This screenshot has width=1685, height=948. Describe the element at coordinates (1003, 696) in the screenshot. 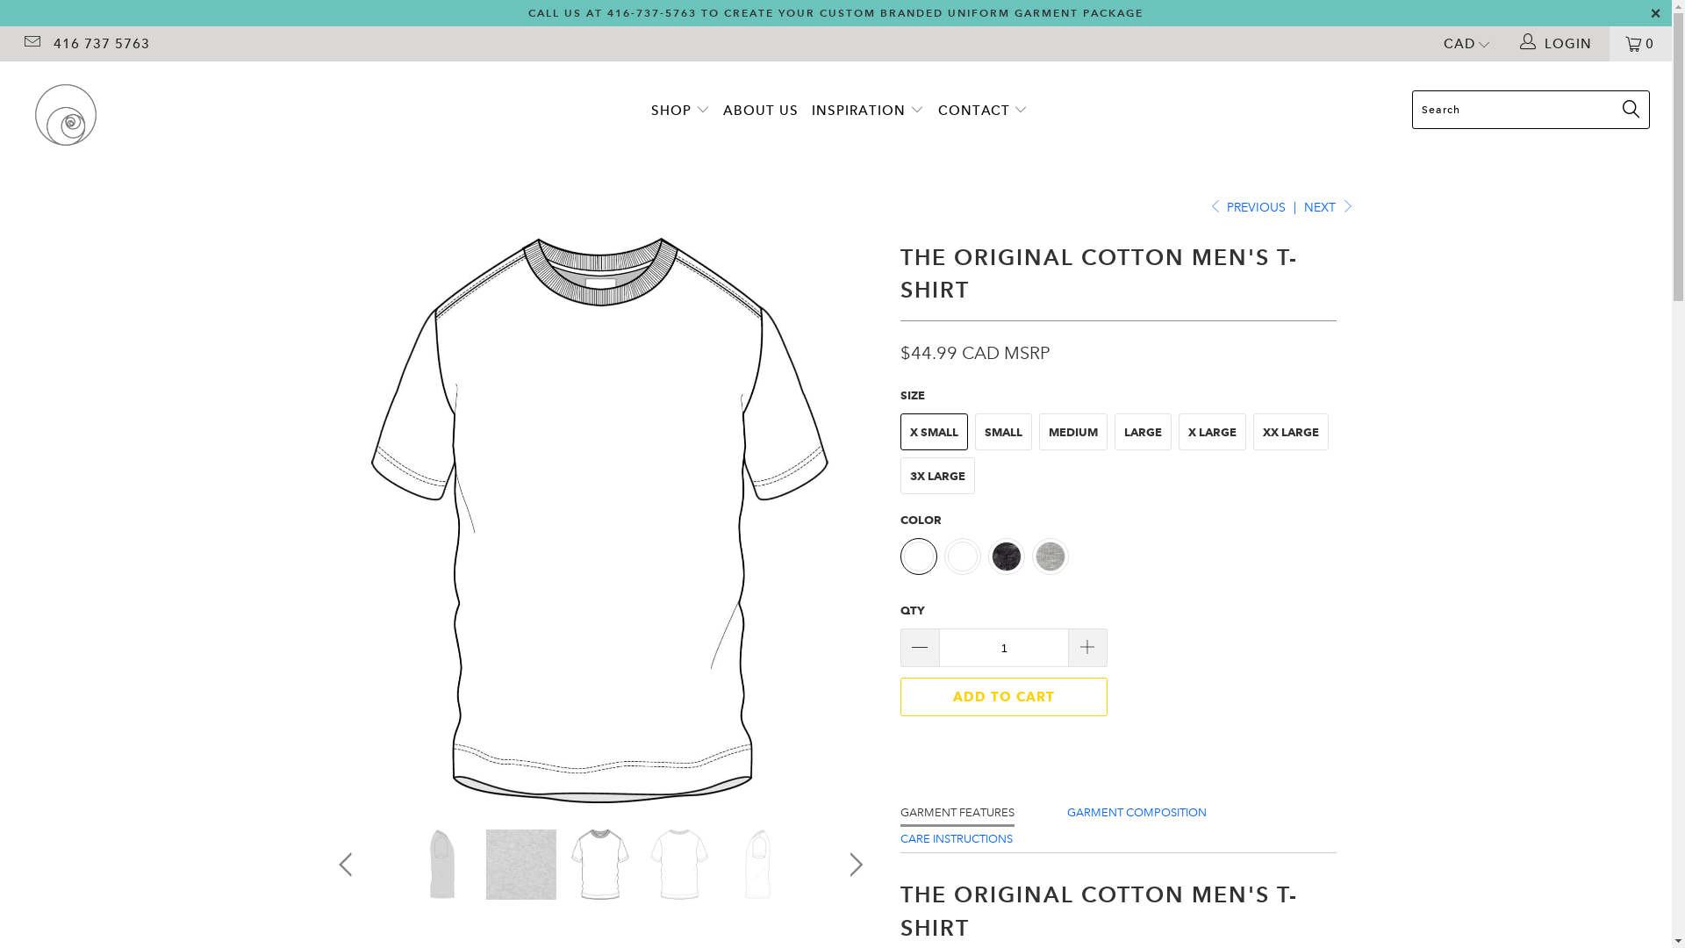

I see `'ADD TO CART'` at that location.